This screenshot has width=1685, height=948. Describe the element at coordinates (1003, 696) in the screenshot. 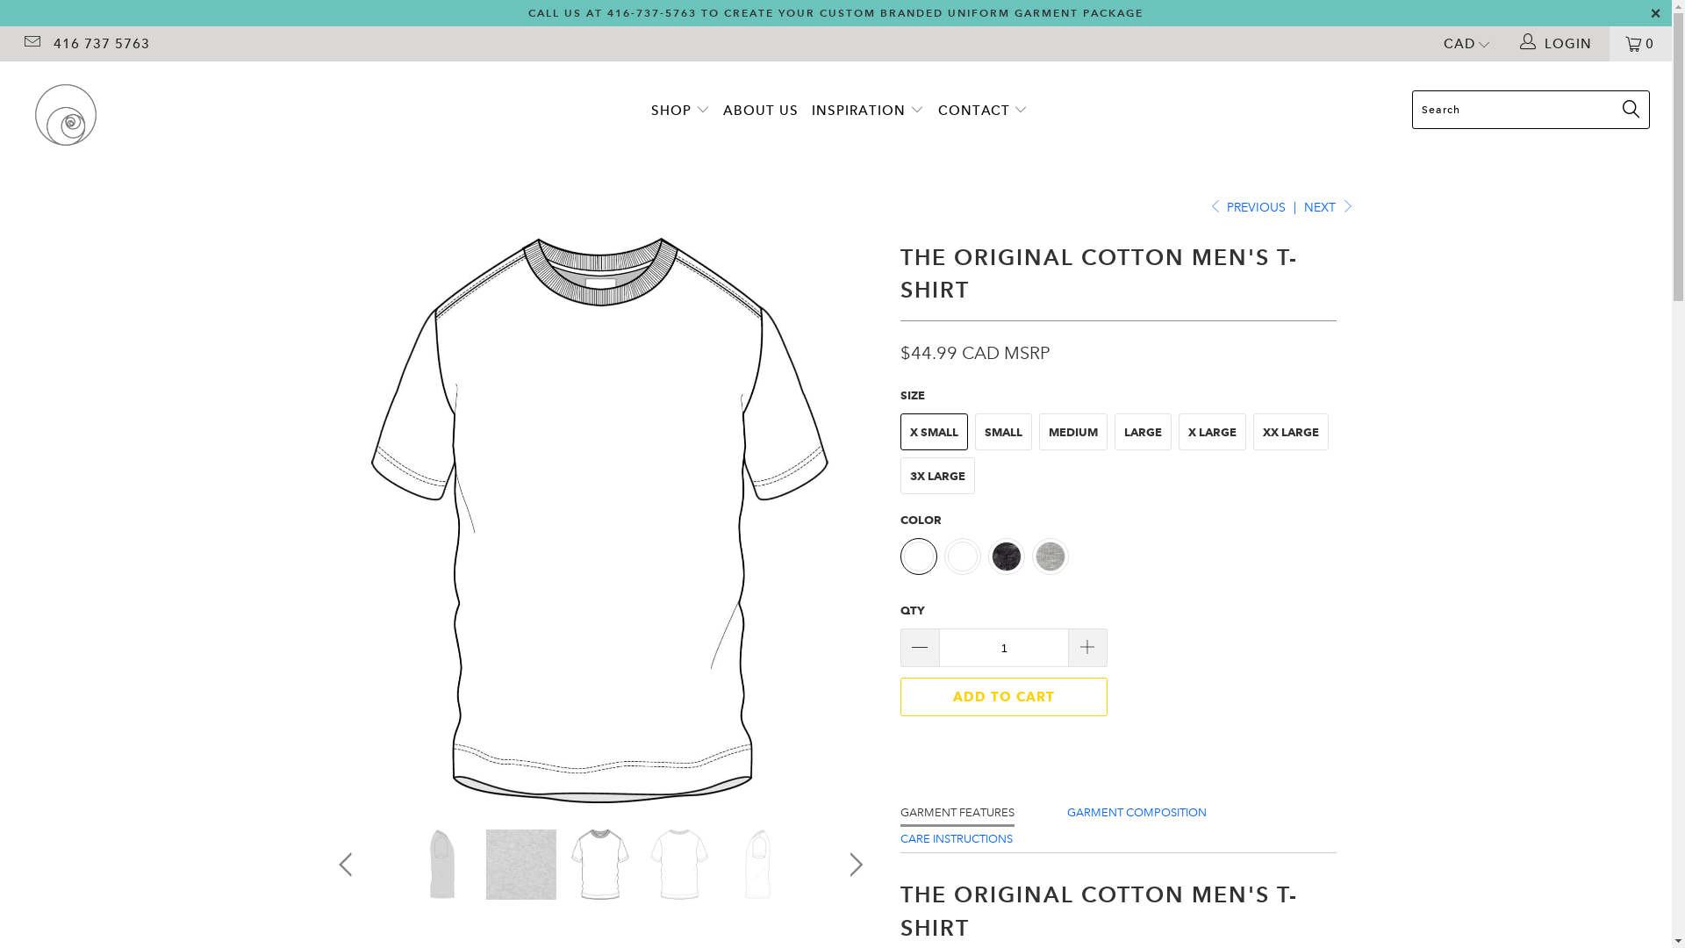

I see `'ADD TO CART'` at that location.